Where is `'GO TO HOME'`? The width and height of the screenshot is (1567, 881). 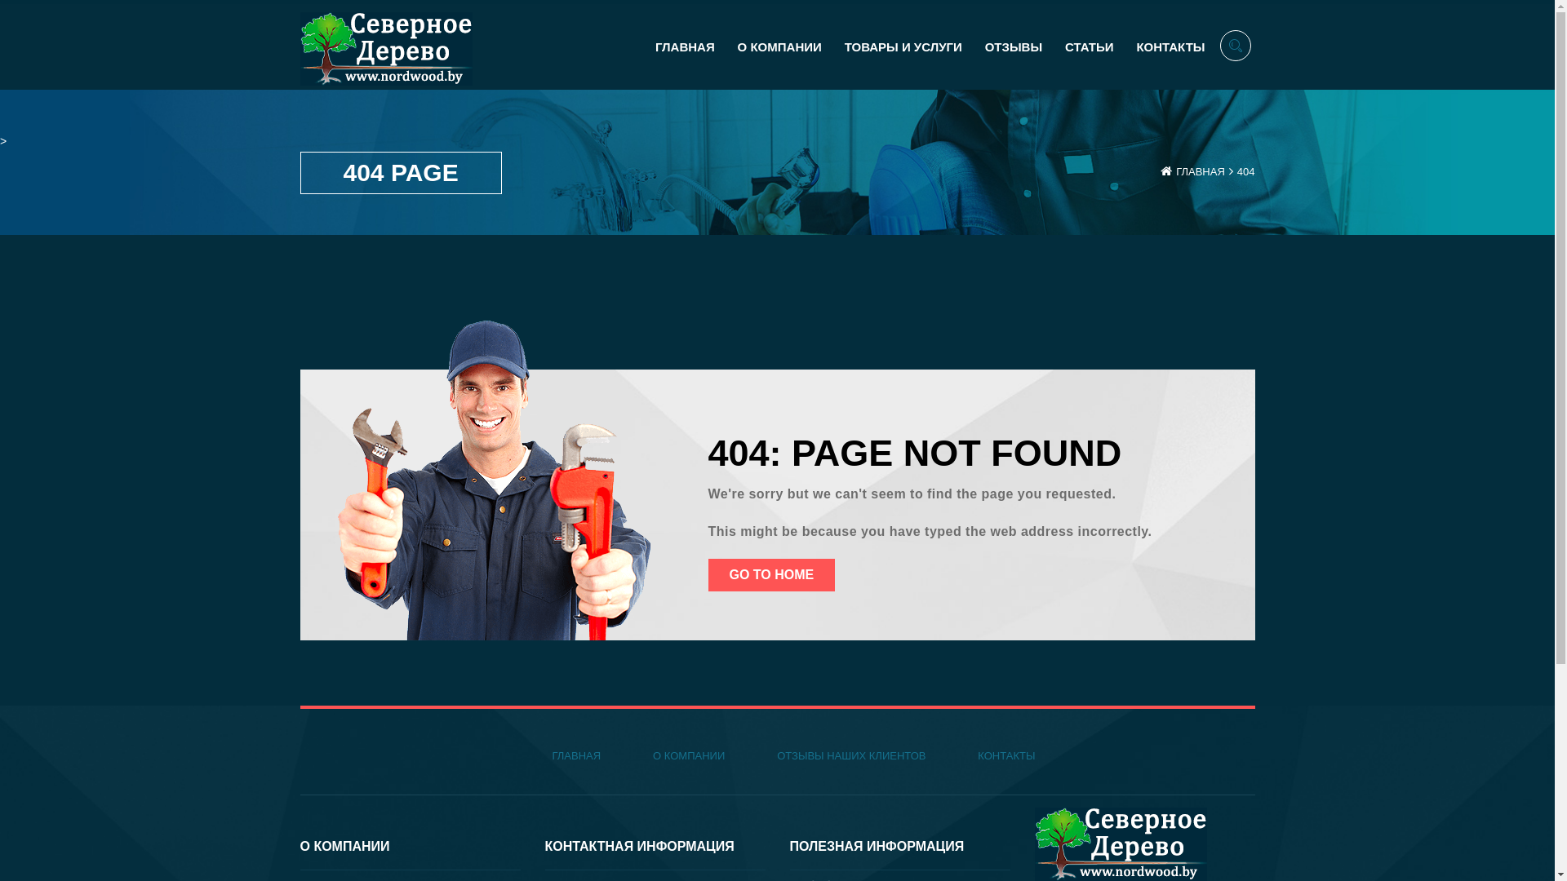 'GO TO HOME' is located at coordinates (708, 574).